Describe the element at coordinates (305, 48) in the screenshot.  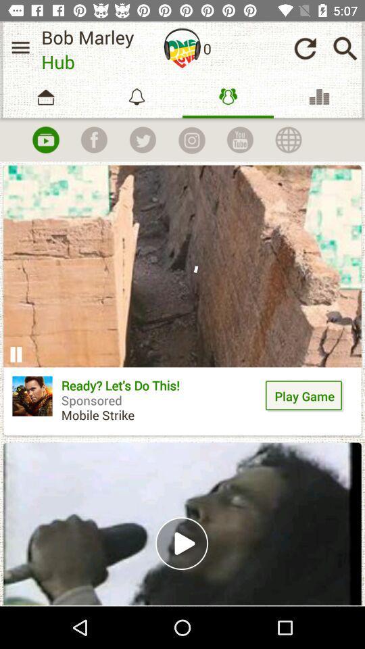
I see `the item to the right of the 0 item` at that location.